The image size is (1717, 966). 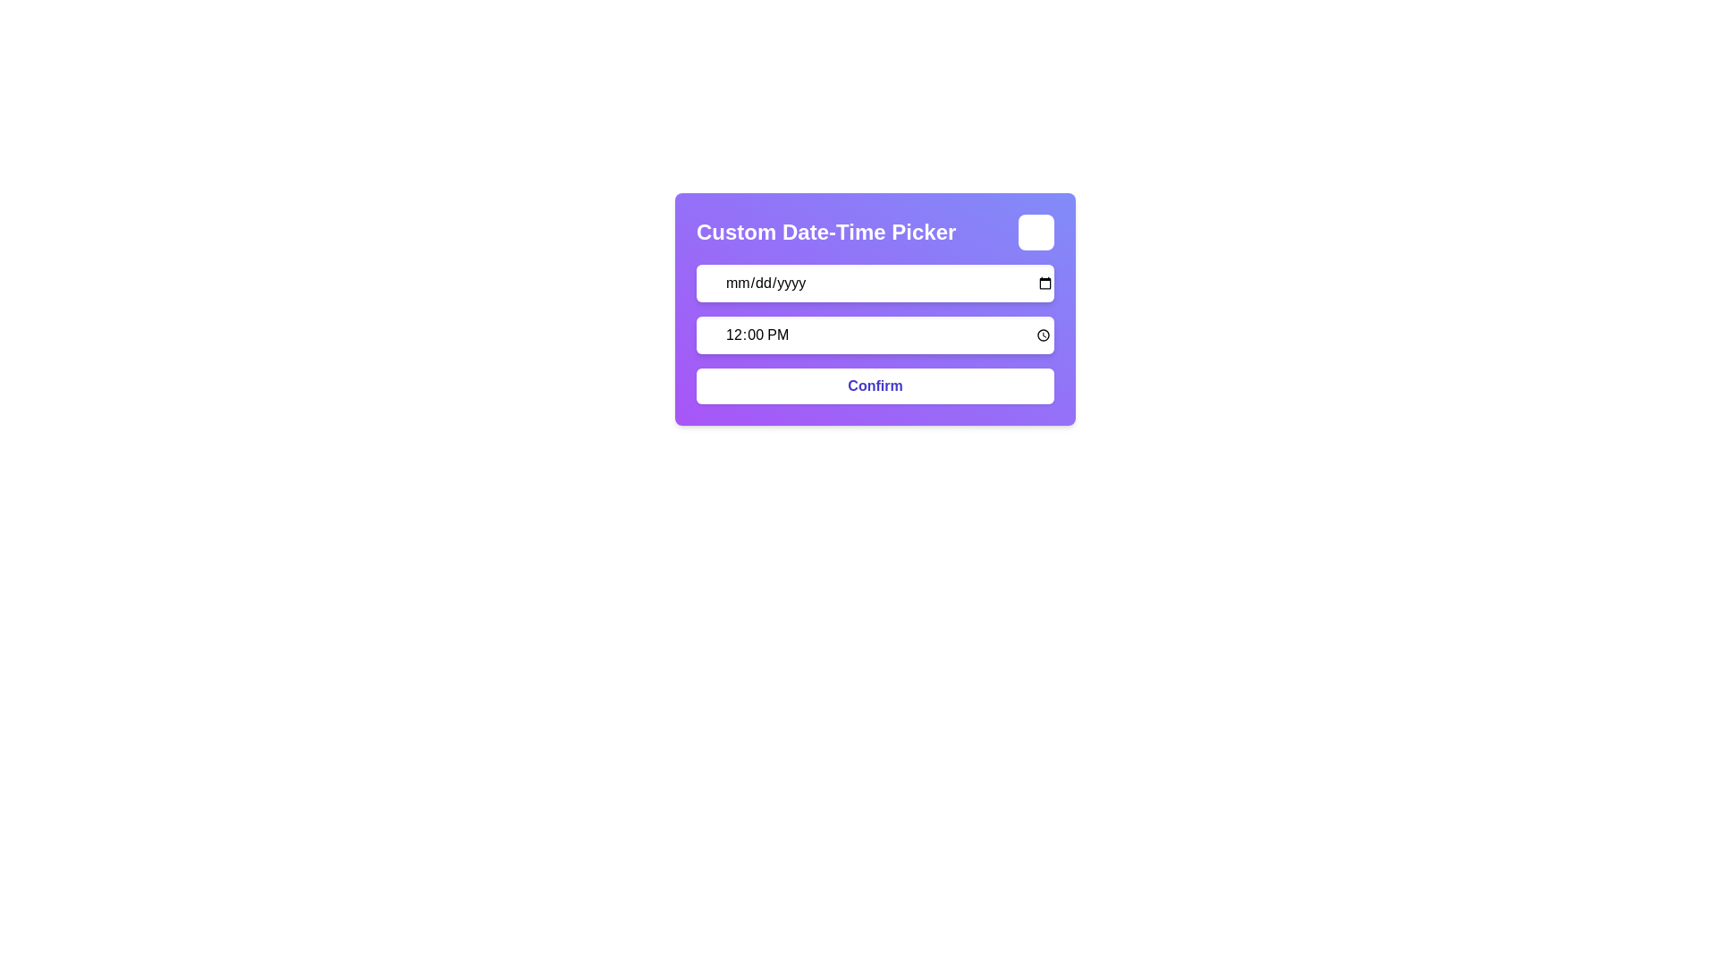 What do you see at coordinates (875, 282) in the screenshot?
I see `the Date Input Field at the top part of the form dialog` at bounding box center [875, 282].